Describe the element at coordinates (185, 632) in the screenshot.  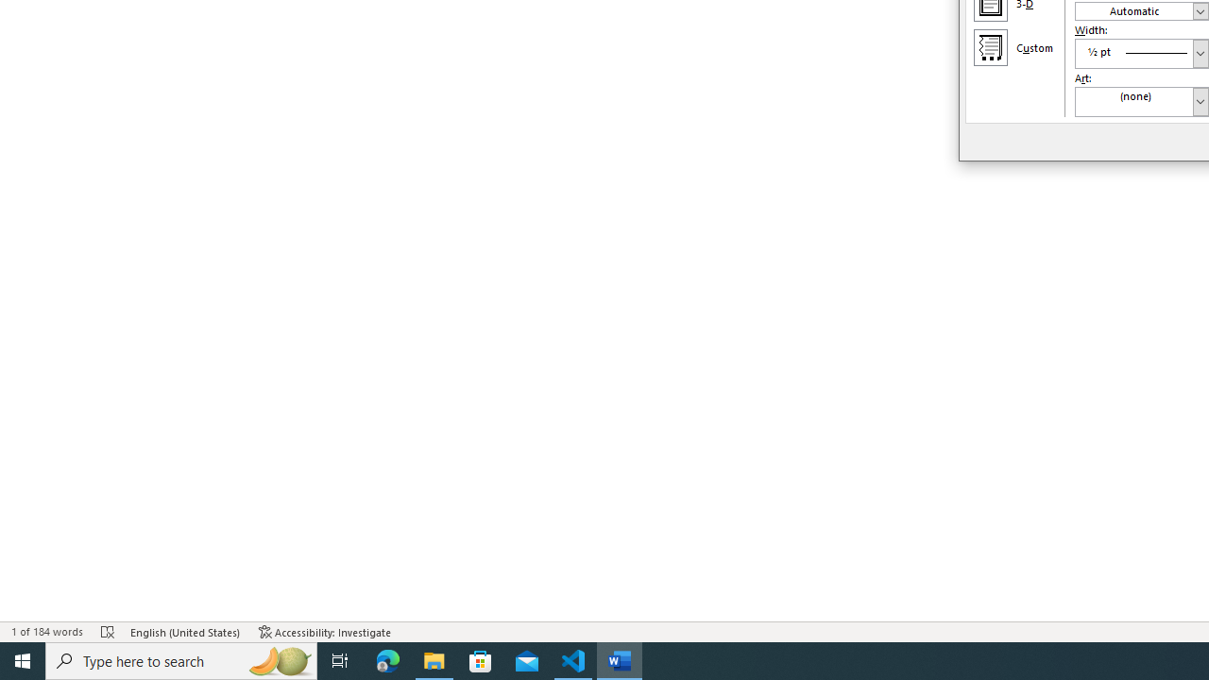
I see `'Language English (United States)'` at that location.